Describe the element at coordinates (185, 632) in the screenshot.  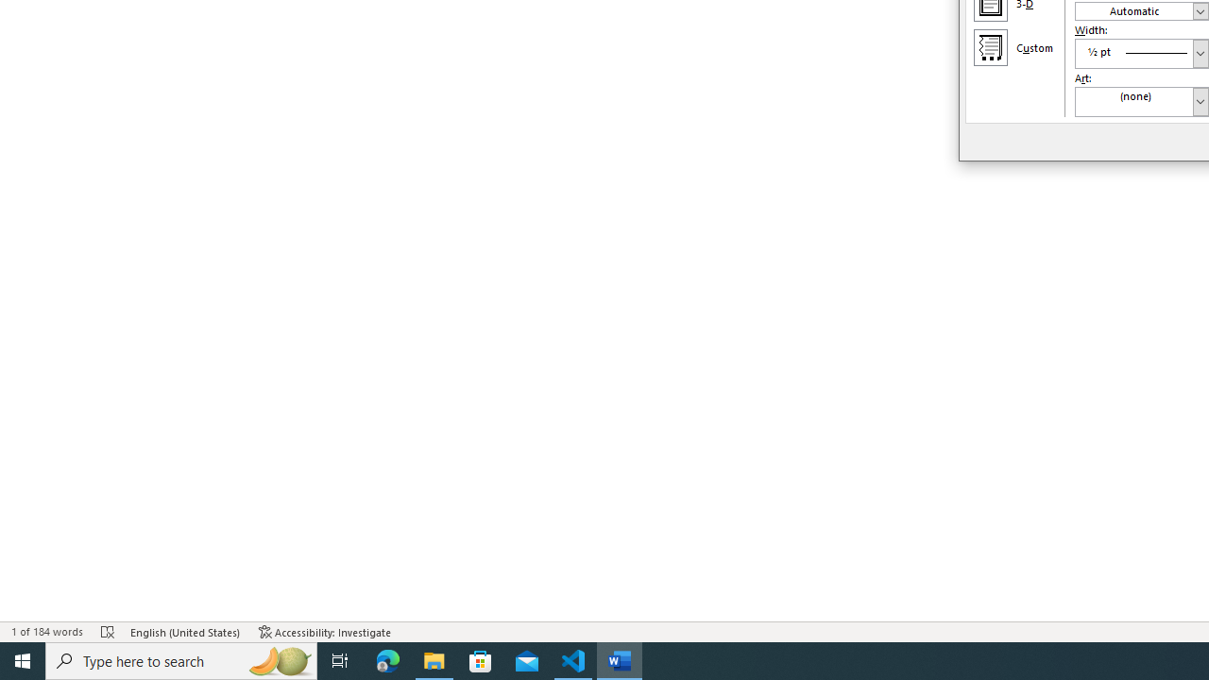
I see `'Language English (United States)'` at that location.